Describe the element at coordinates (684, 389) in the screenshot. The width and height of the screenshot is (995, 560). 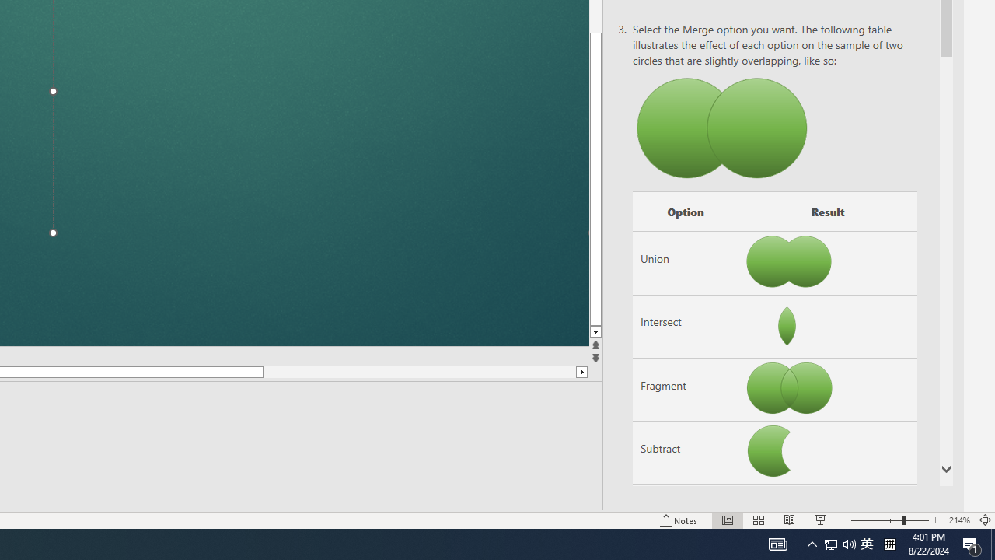
I see `'Fragment'` at that location.